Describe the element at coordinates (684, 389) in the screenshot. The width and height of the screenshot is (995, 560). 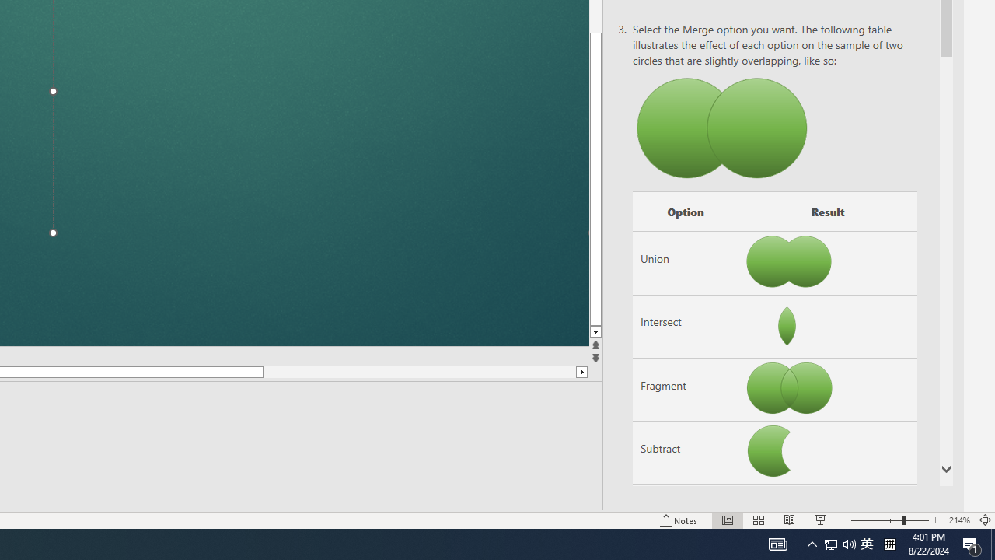
I see `'Fragment'` at that location.